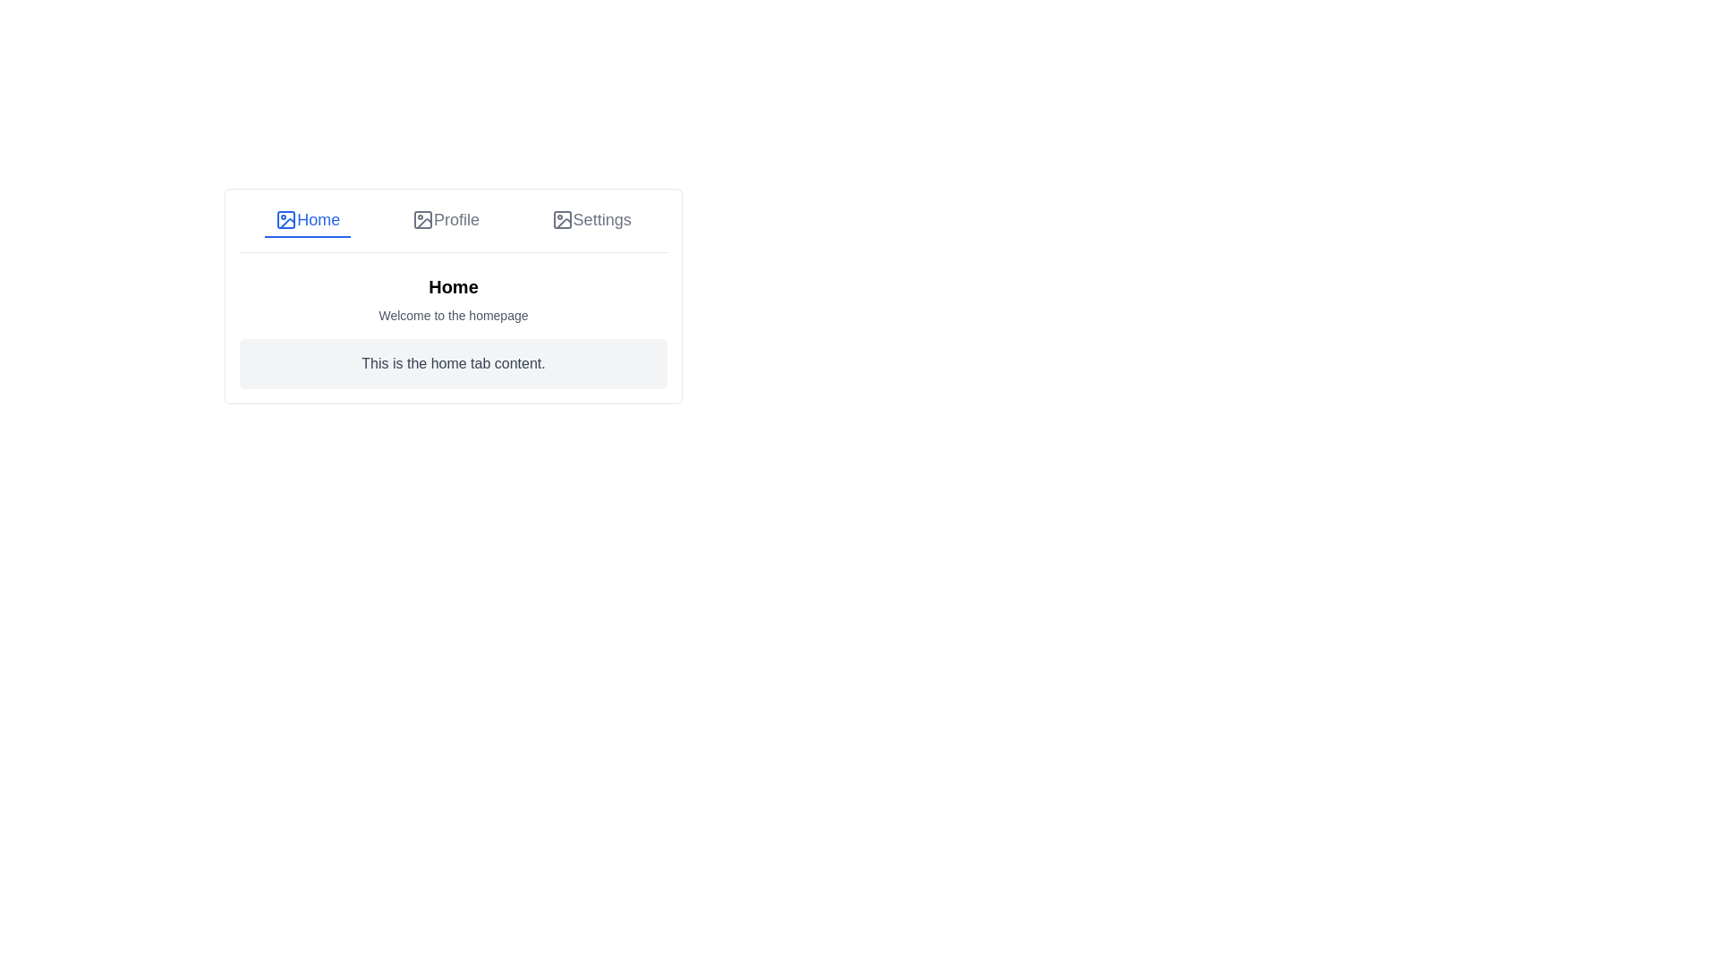  What do you see at coordinates (286, 219) in the screenshot?
I see `the blue outlined icon resembling an image or photo frame located at the leftmost side of the navigation bar in the 'Home' tab` at bounding box center [286, 219].